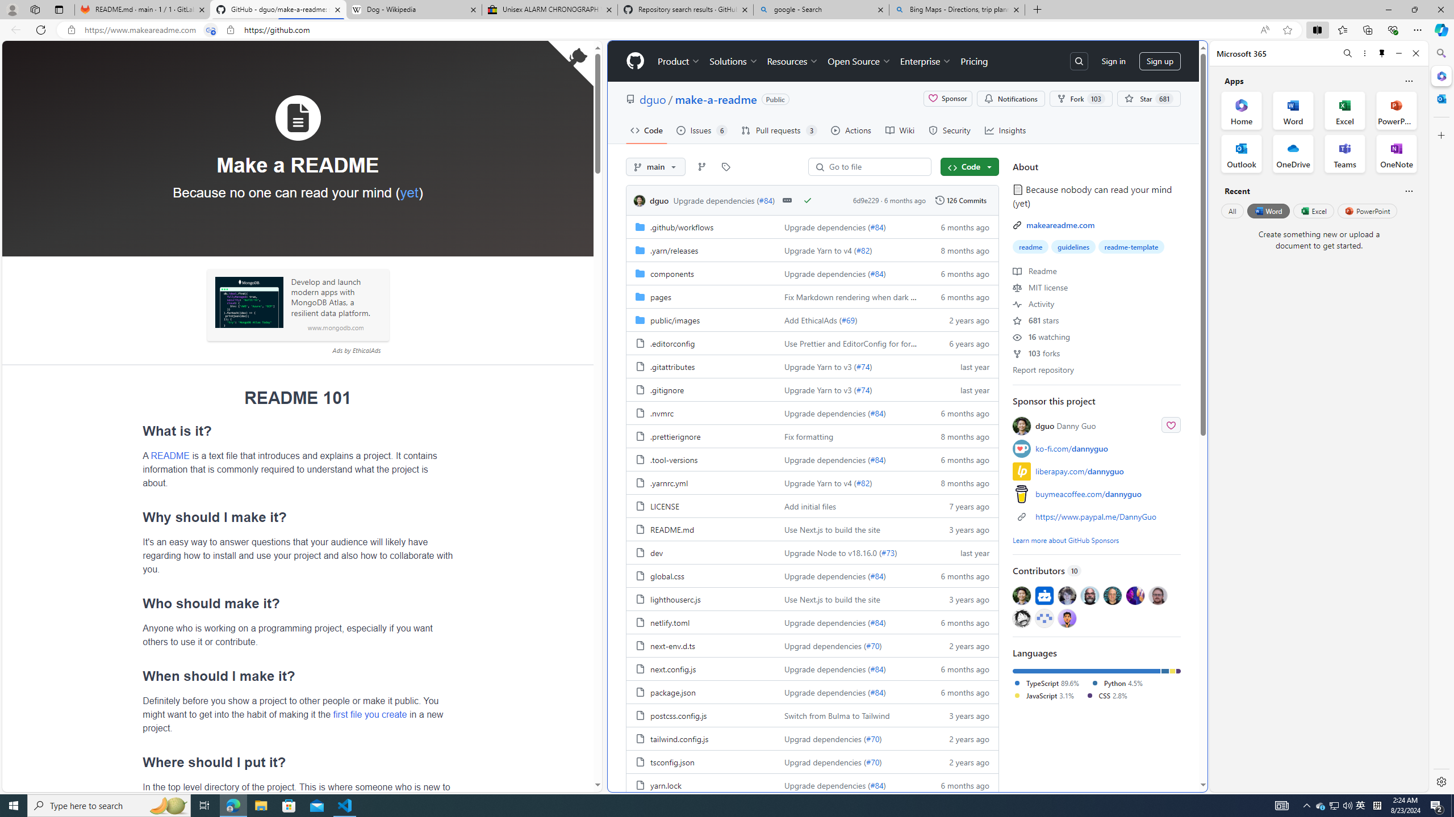 The width and height of the screenshot is (1454, 817). I want to click on 'Word', so click(1267, 210).